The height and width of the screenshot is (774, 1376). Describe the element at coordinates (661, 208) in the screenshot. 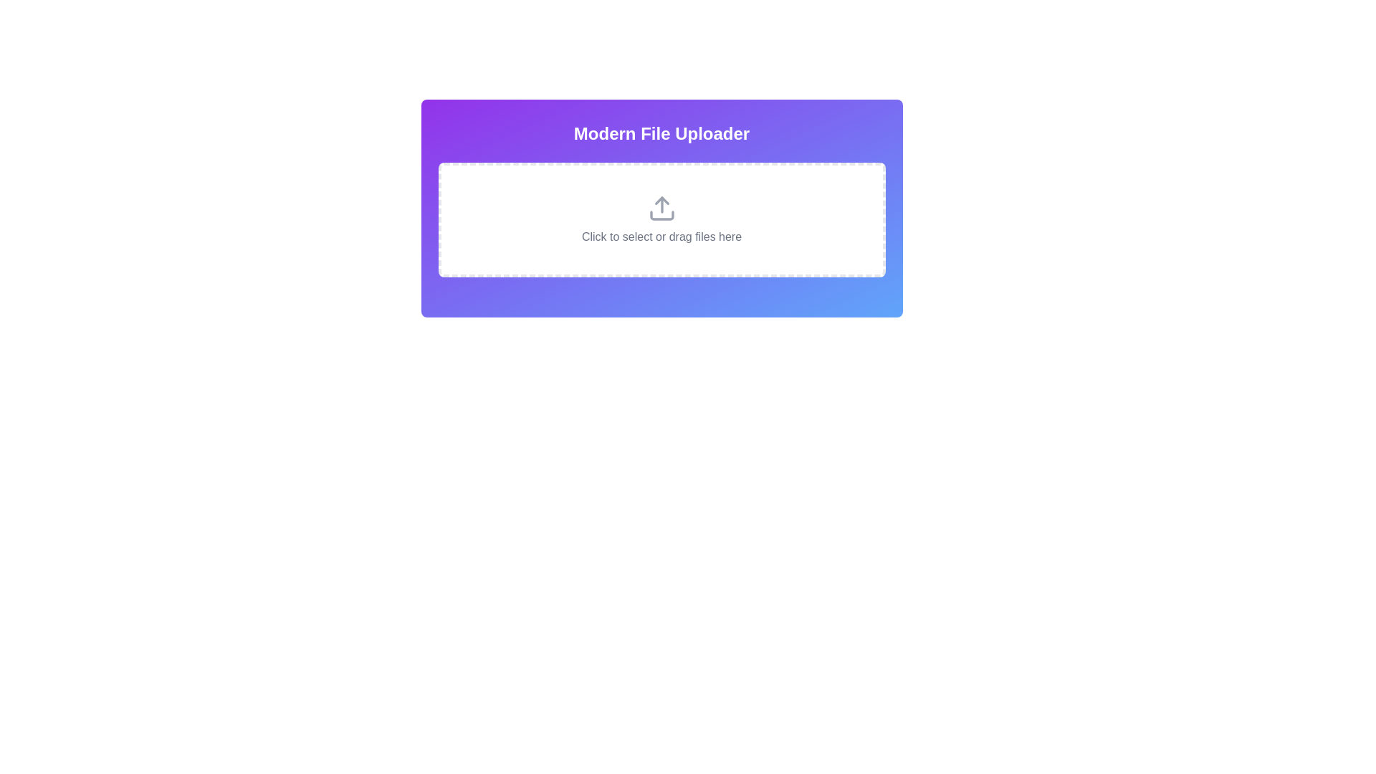

I see `the file upload icon located in the middle of the bordered white rectangular area labeled 'Click to select or drag files here' under the header 'Modern File Uploader'` at that location.